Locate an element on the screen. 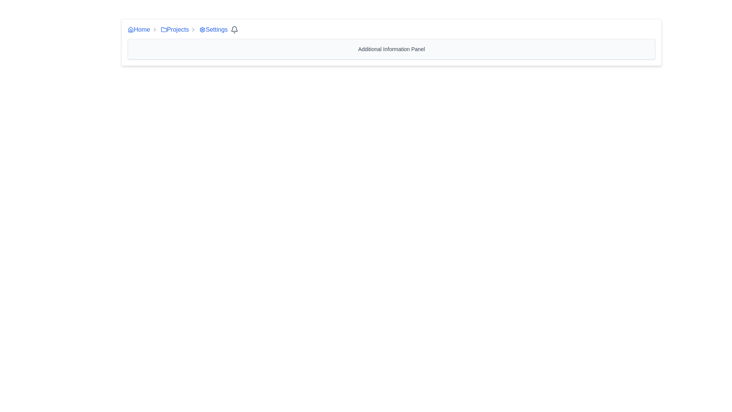 The width and height of the screenshot is (732, 412). the 'Settings' text label in the breadcrumb navigation to indicate interactivity by underlining it is located at coordinates (216, 29).